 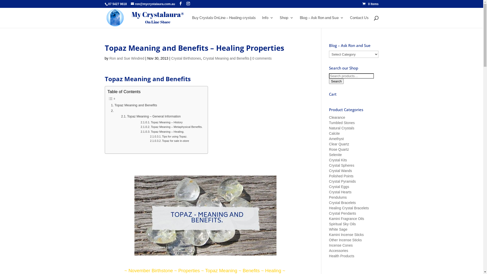 What do you see at coordinates (341, 176) in the screenshot?
I see `'Polished Points'` at bounding box center [341, 176].